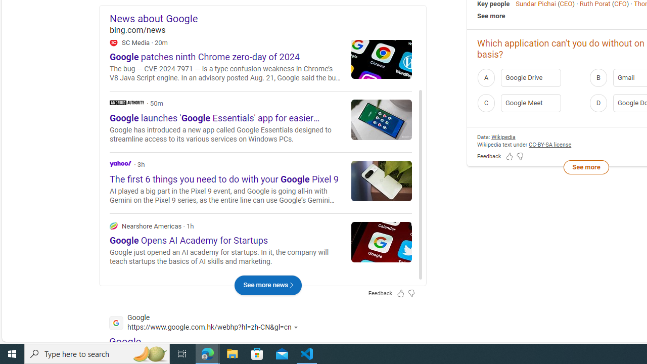 This screenshot has height=364, width=647. Describe the element at coordinates (114, 41) in the screenshot. I see `'SC Media'` at that location.